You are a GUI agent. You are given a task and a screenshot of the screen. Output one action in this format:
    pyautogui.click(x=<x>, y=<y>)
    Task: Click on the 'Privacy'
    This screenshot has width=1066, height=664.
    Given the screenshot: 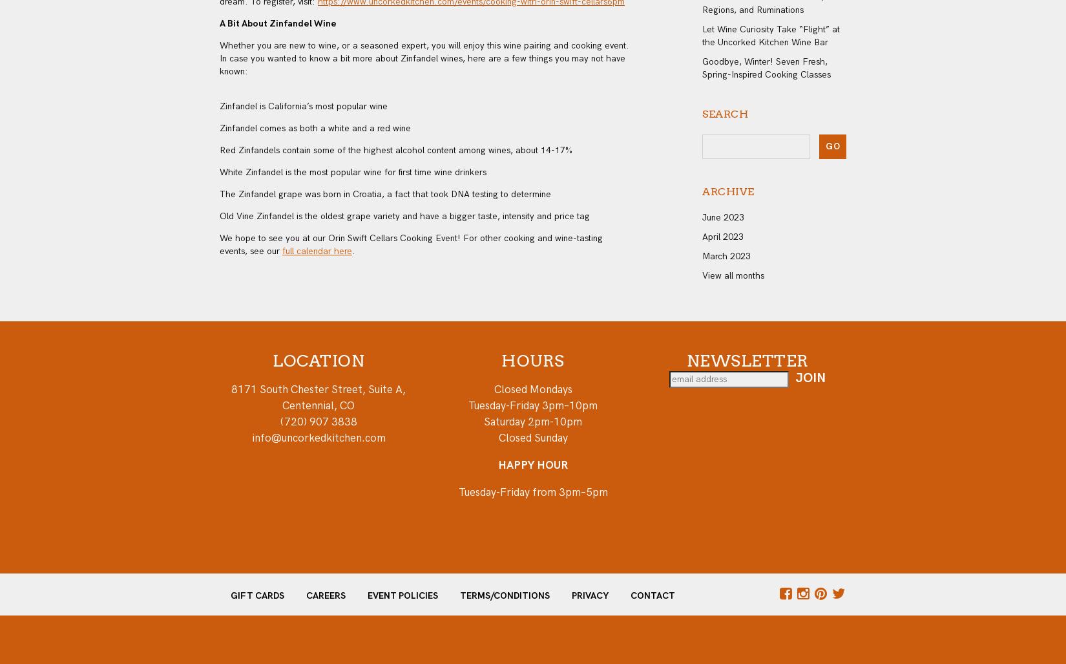 What is the action you would take?
    pyautogui.click(x=589, y=595)
    